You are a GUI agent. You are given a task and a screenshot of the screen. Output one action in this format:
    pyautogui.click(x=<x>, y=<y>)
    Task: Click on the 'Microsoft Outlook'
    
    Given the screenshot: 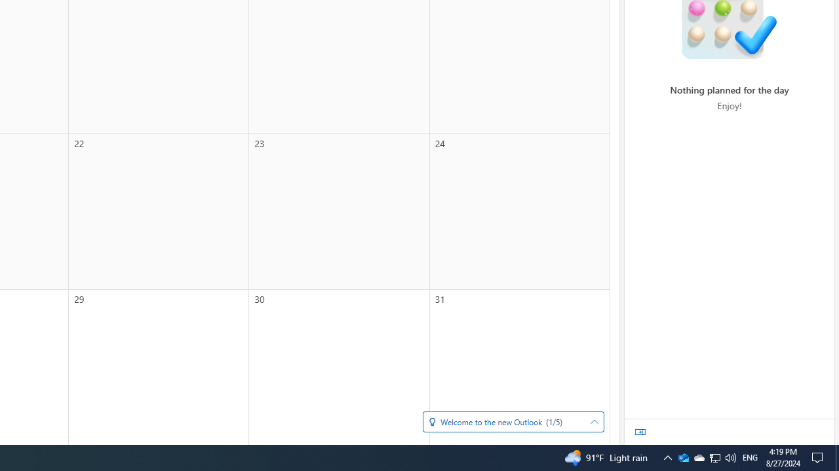 What is the action you would take?
    pyautogui.click(x=682, y=457)
    